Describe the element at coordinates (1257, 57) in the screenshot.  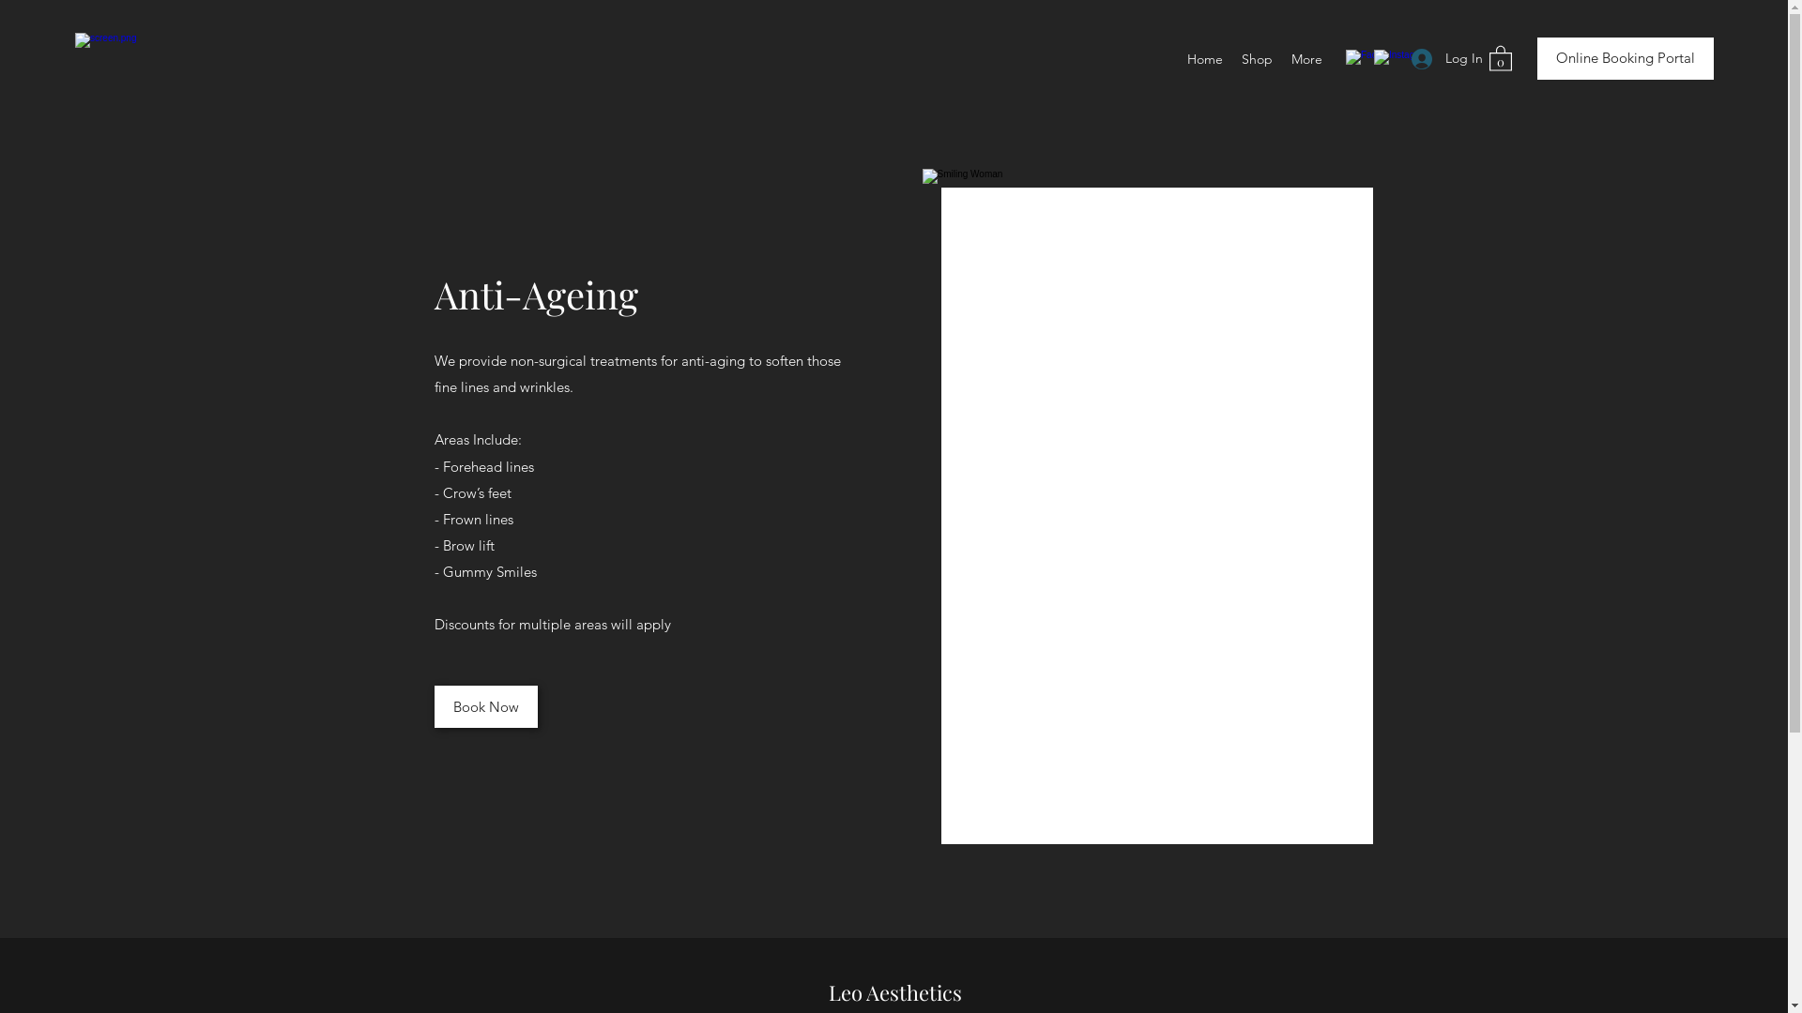
I see `'Shop'` at that location.